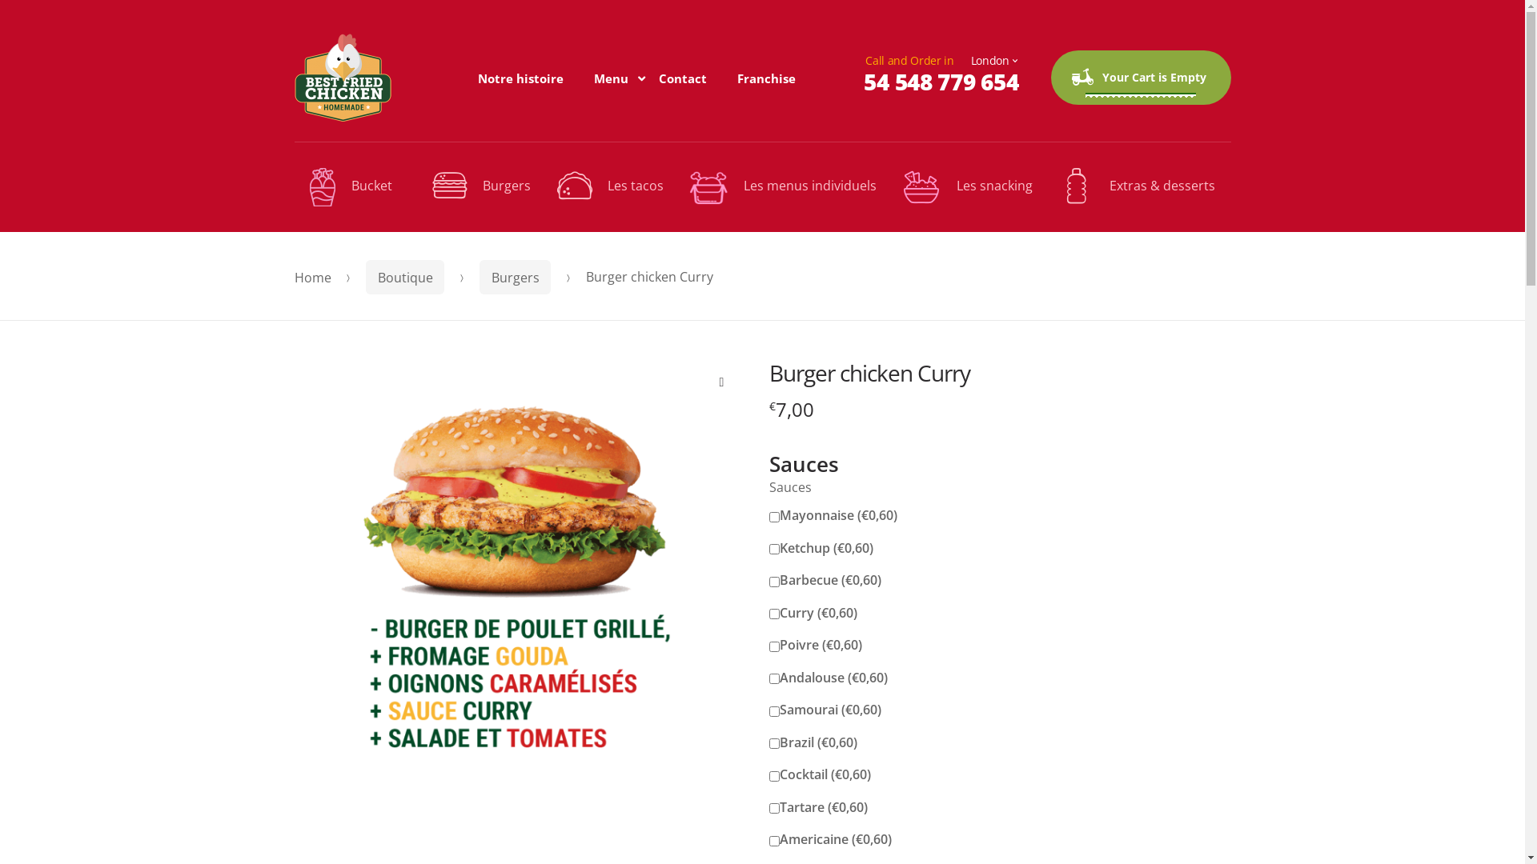 The image size is (1537, 864). Describe the element at coordinates (783, 186) in the screenshot. I see `'Les menus individuels'` at that location.